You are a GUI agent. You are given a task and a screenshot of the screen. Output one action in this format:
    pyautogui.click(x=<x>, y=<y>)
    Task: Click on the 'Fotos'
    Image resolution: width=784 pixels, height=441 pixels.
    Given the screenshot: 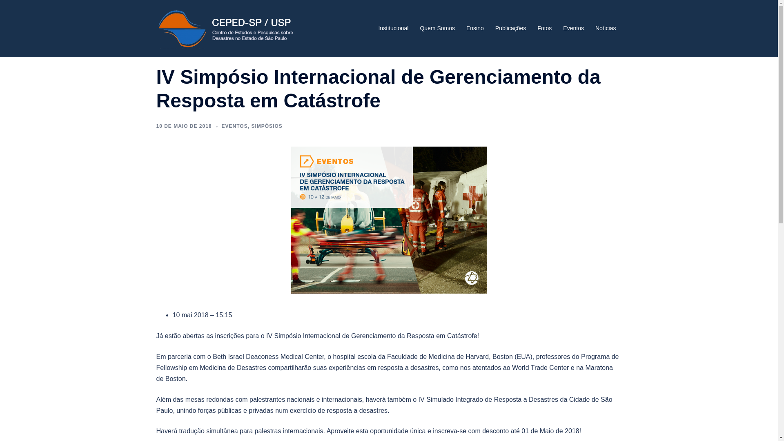 What is the action you would take?
    pyautogui.click(x=537, y=28)
    